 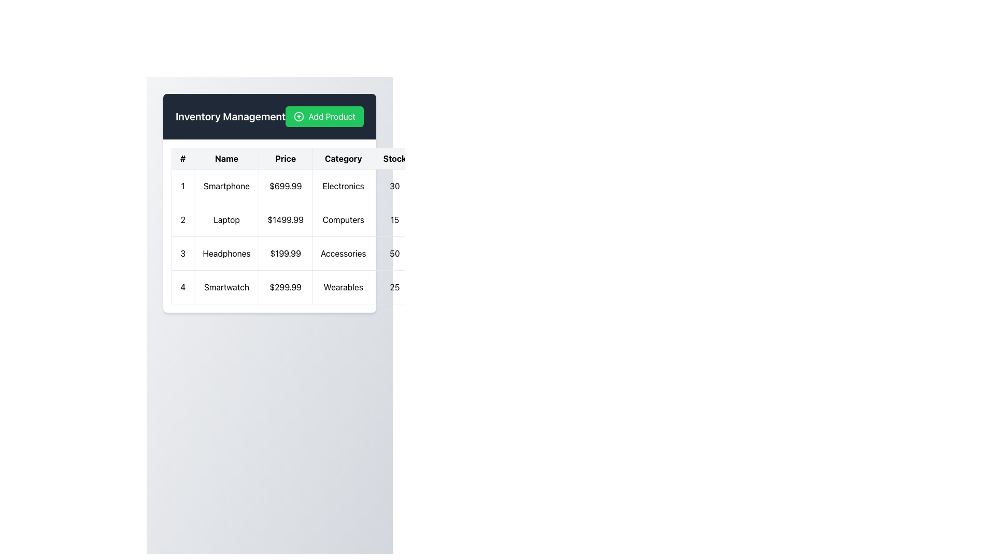 I want to click on the text cell displaying the price '$299.99', which is the third column entry in the fourth row of a table, aligned with similar cells, so click(x=286, y=287).